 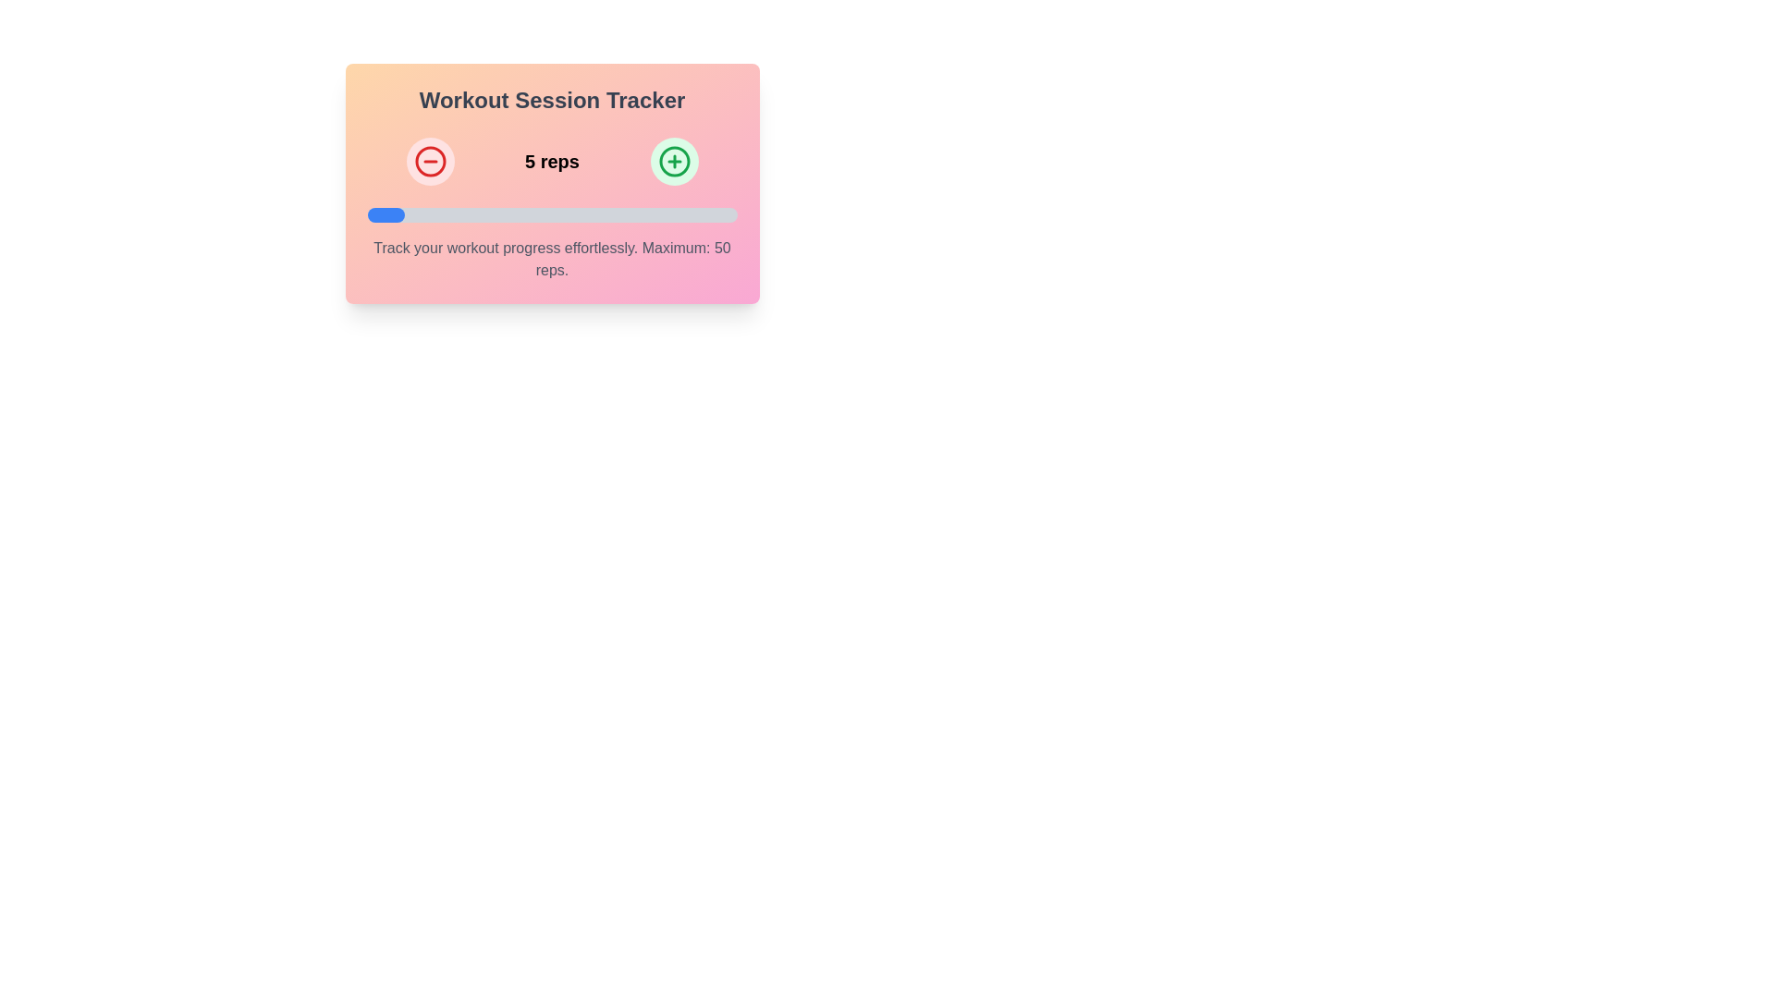 I want to click on the slider, so click(x=369, y=213).